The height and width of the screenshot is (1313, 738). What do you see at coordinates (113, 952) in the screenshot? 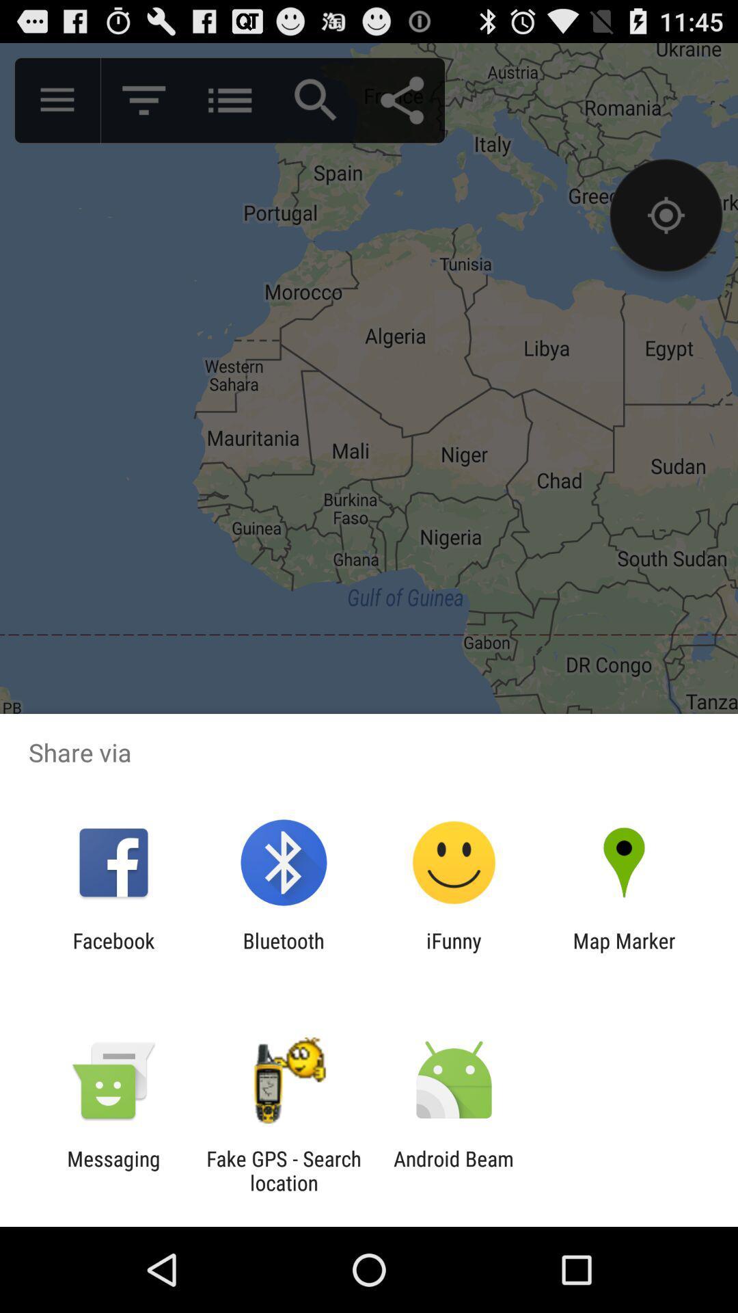
I see `app next to bluetooth` at bounding box center [113, 952].